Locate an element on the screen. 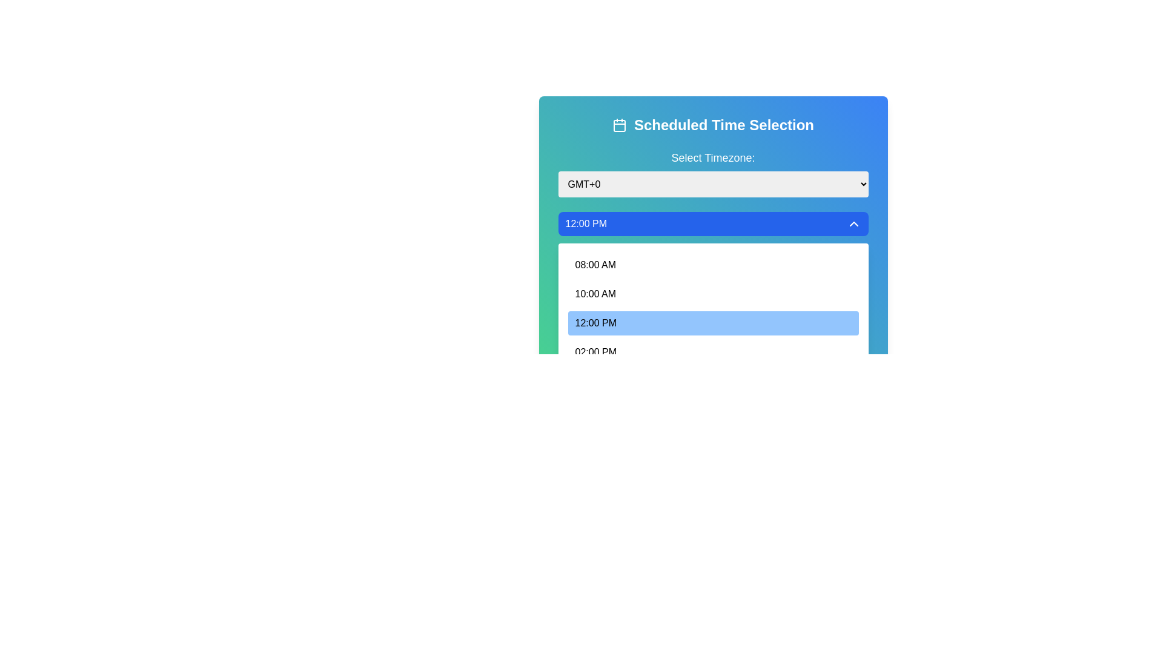  keyboard navigation is located at coordinates (595, 294).